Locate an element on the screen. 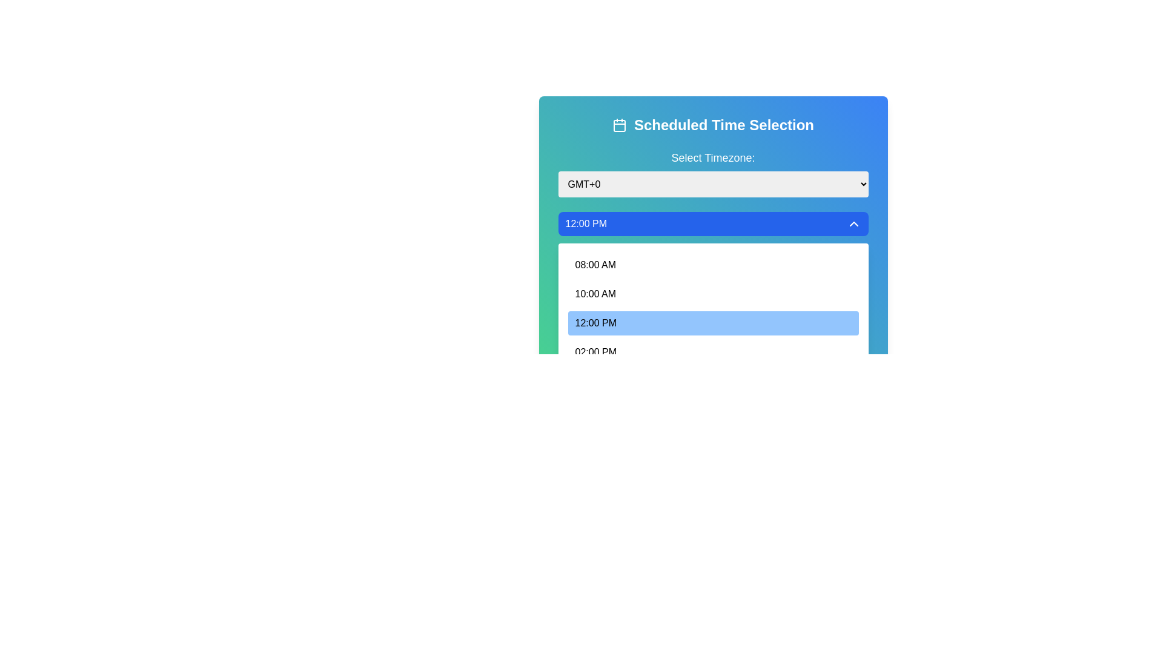  keyboard navigation is located at coordinates (595, 294).